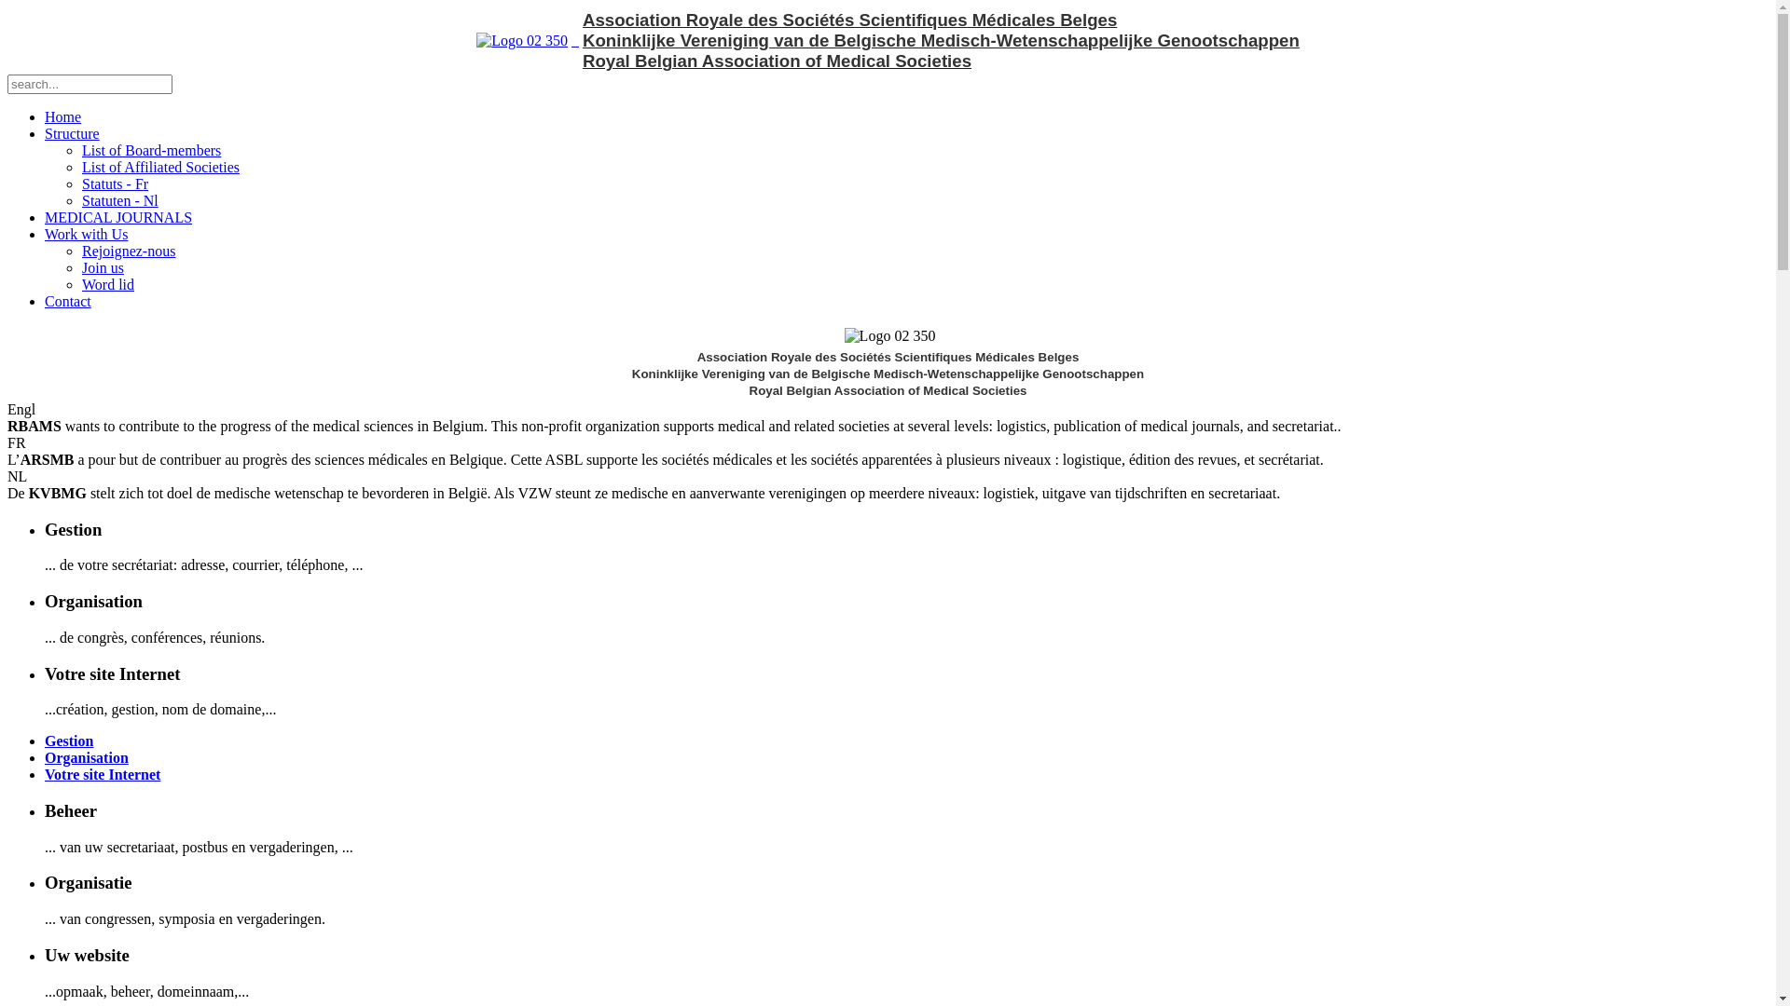 Image resolution: width=1790 pixels, height=1006 pixels. Describe the element at coordinates (68, 740) in the screenshot. I see `'Gestion'` at that location.